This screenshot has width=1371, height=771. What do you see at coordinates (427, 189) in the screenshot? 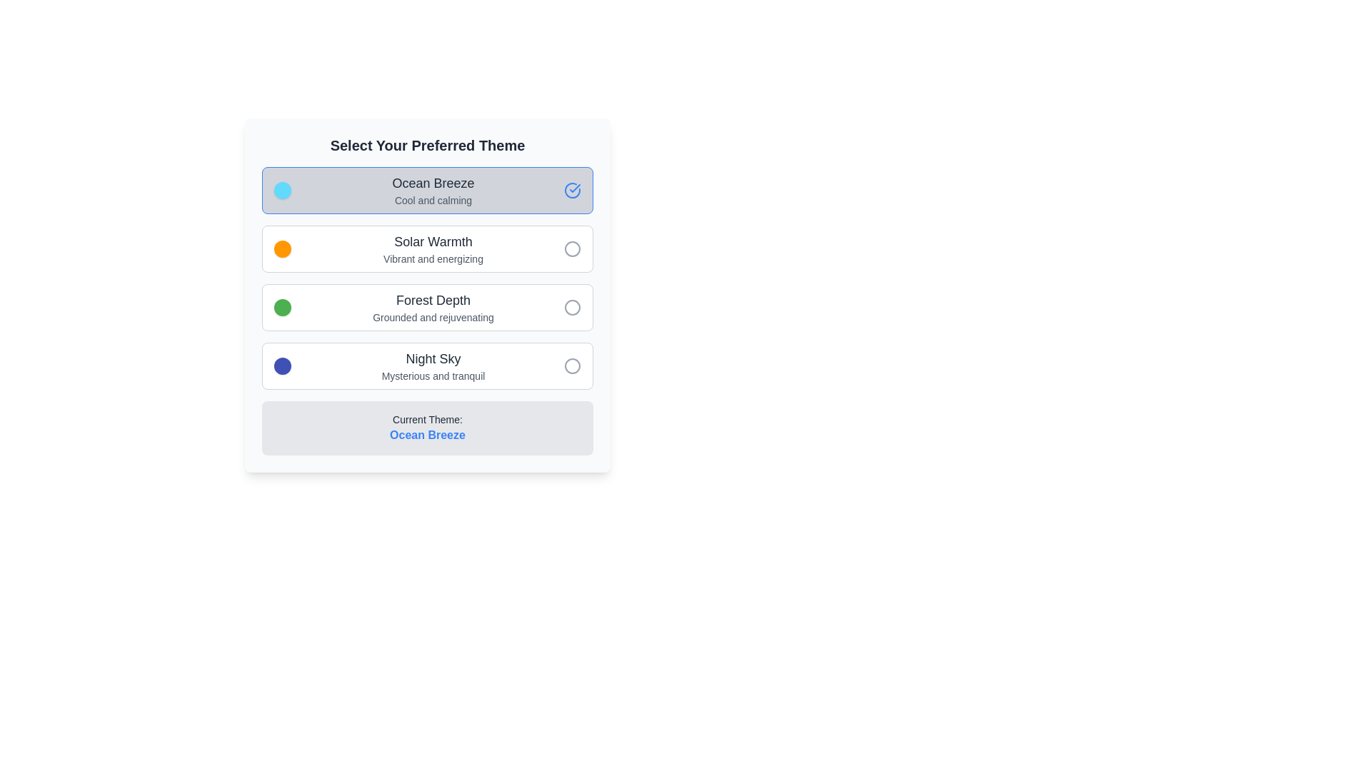
I see `the 'Ocean Breeze' interactive button, which is the first option in the list beneath 'Select Your Preferred Theme'` at bounding box center [427, 189].